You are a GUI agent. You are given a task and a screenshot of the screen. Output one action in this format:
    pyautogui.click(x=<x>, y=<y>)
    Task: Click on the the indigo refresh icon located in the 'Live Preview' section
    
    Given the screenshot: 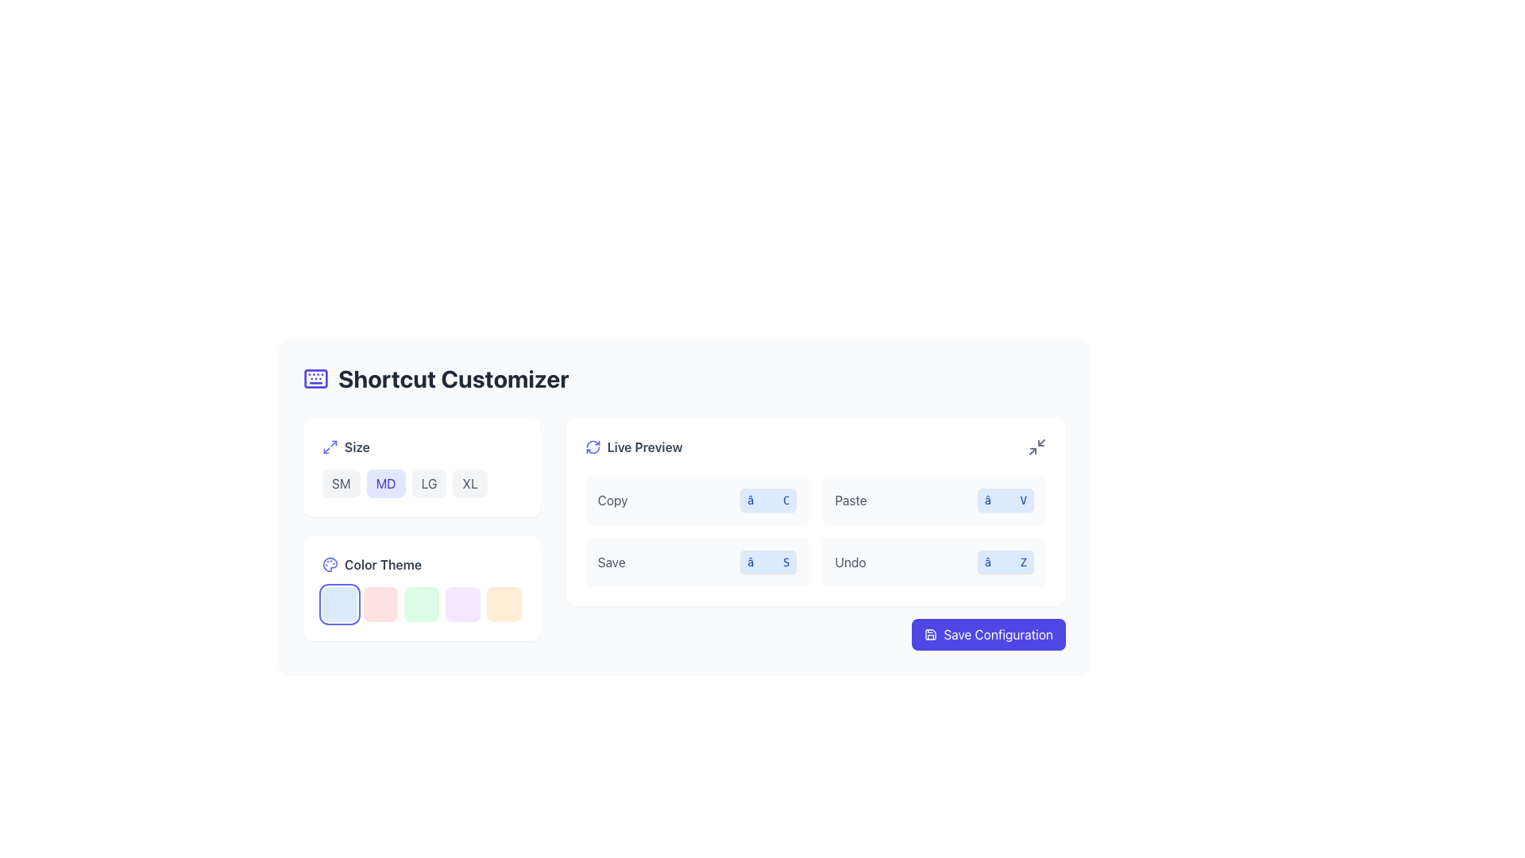 What is the action you would take?
    pyautogui.click(x=592, y=447)
    